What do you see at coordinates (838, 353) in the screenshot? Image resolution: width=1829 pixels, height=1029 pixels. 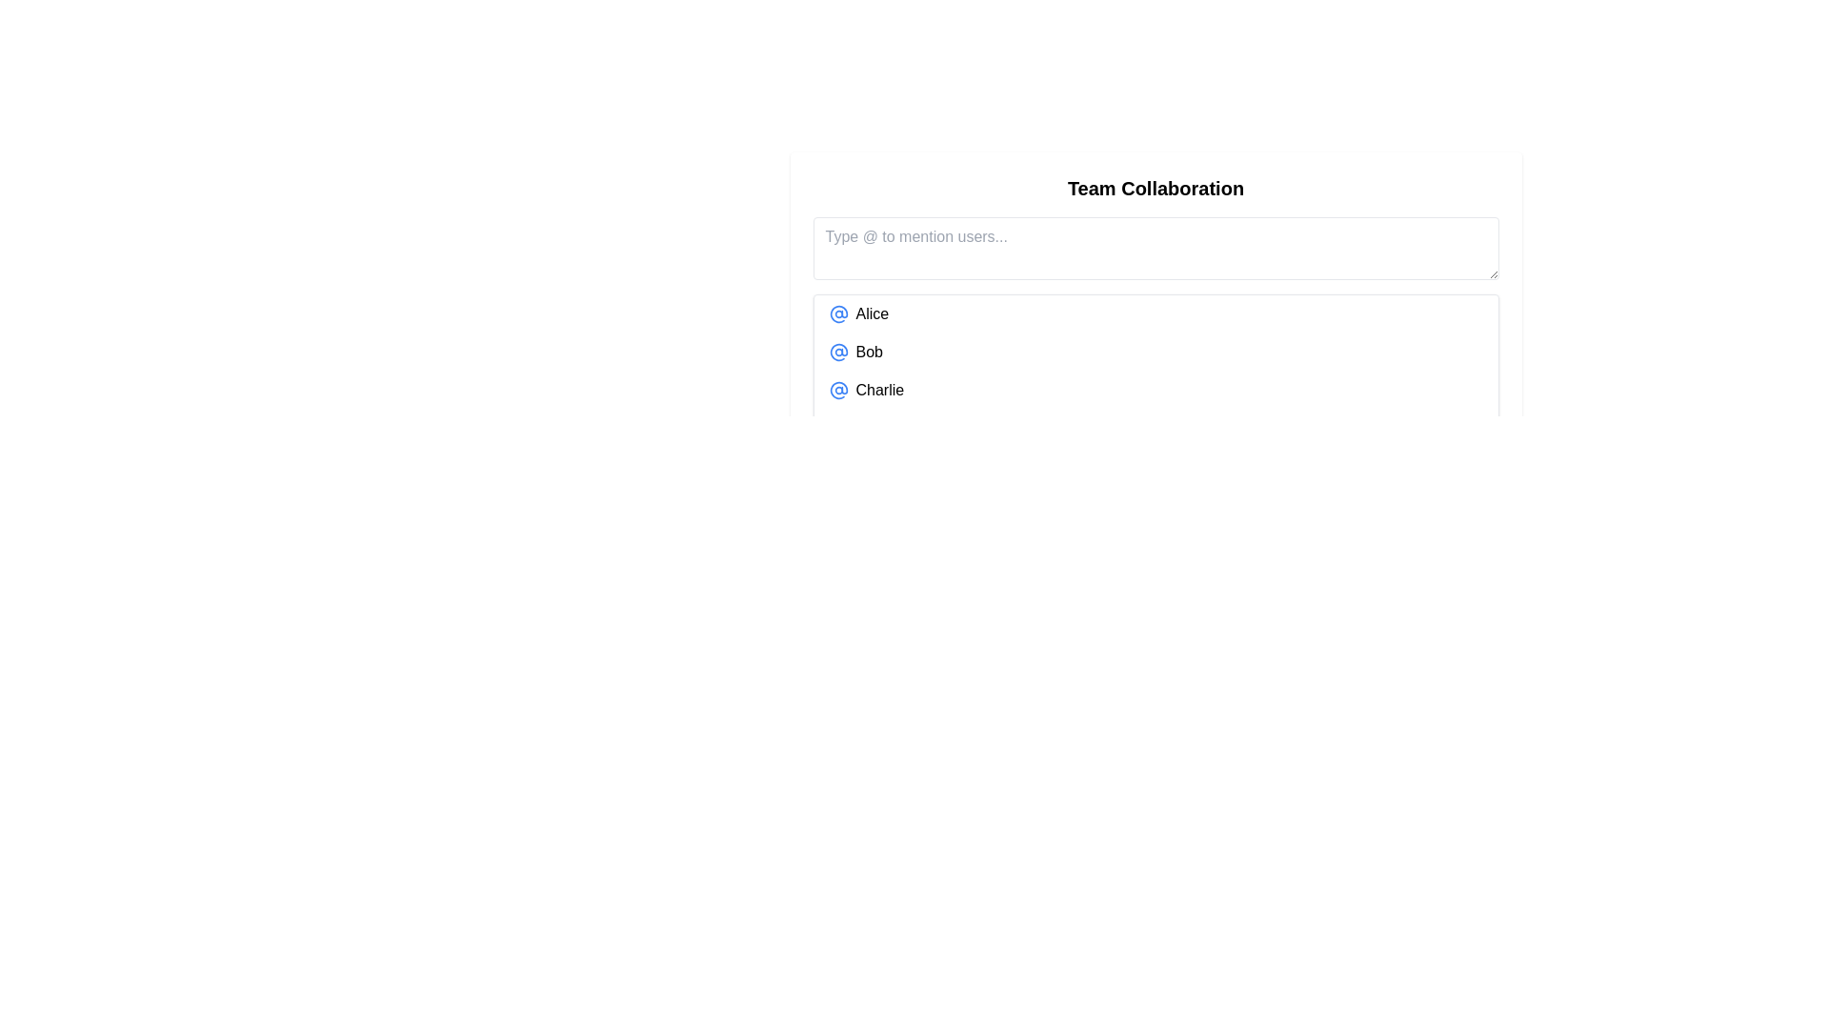 I see `the blue '@' icon located to the left of the name 'Bob' in the list under the 'Team Collaboration' section` at bounding box center [838, 353].